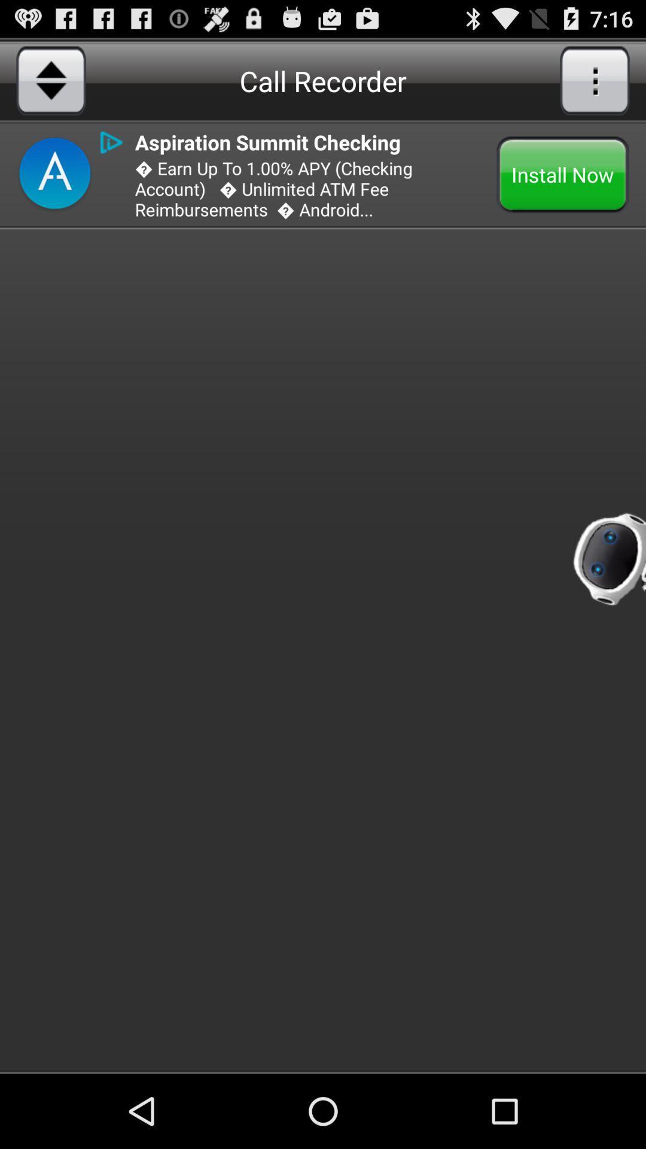  Describe the element at coordinates (50, 86) in the screenshot. I see `the compare icon` at that location.